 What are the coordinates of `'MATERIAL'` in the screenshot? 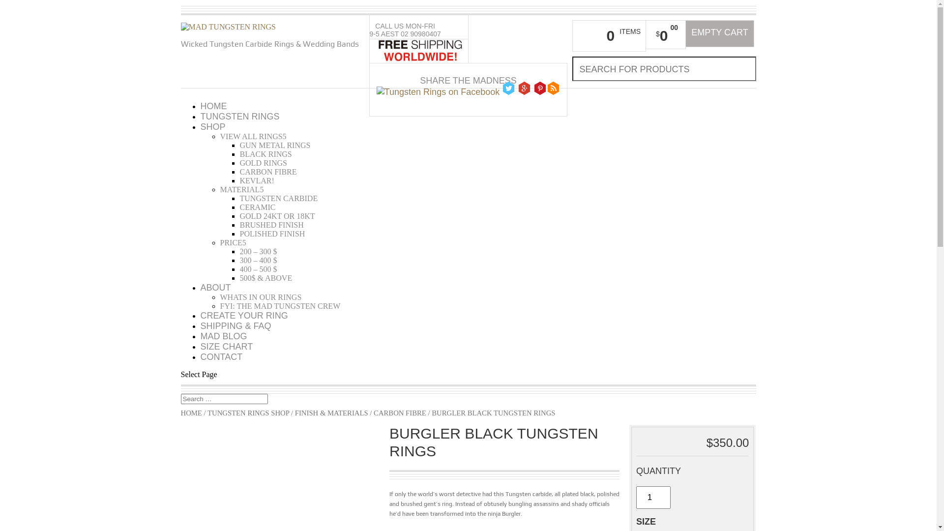 It's located at (219, 189).